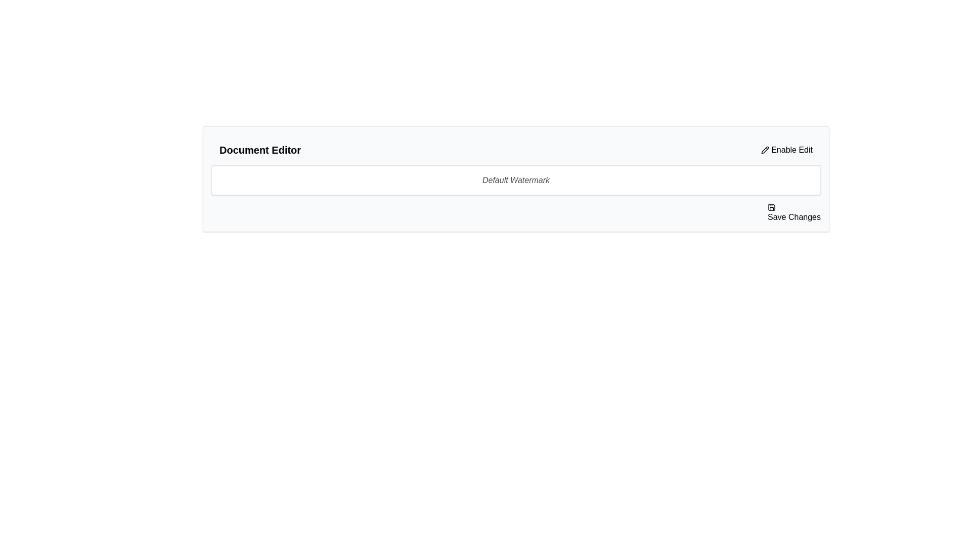  Describe the element at coordinates (793, 212) in the screenshot. I see `the 'Save Changes' button with a floppy disk icon` at that location.